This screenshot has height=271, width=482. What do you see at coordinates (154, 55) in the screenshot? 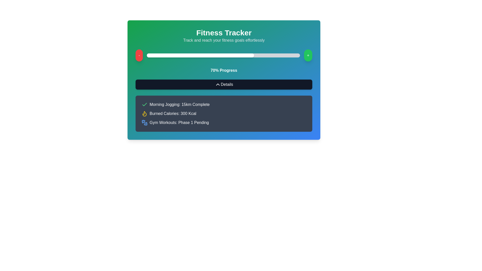
I see `progress` at bounding box center [154, 55].